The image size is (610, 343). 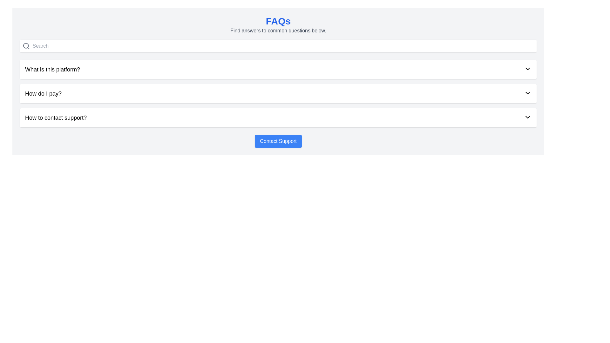 What do you see at coordinates (278, 141) in the screenshot?
I see `the contact support button located beneath the 'How to contact support?' section to initiate contact with support` at bounding box center [278, 141].